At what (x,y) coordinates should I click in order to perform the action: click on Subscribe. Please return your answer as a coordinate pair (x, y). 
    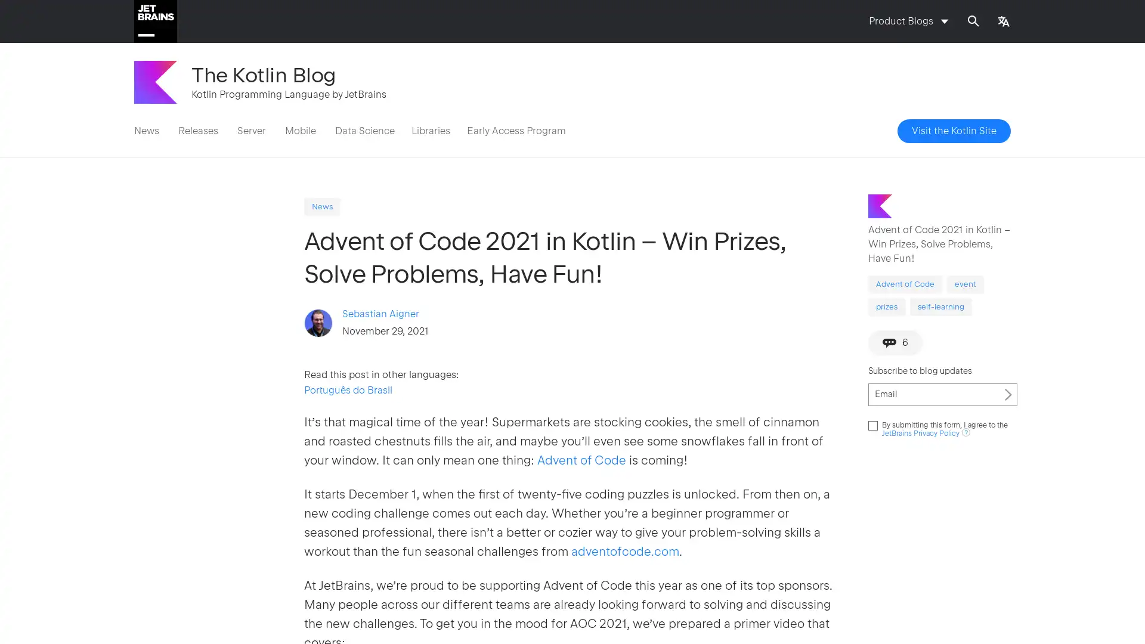
    Looking at the image, I should click on (1007, 394).